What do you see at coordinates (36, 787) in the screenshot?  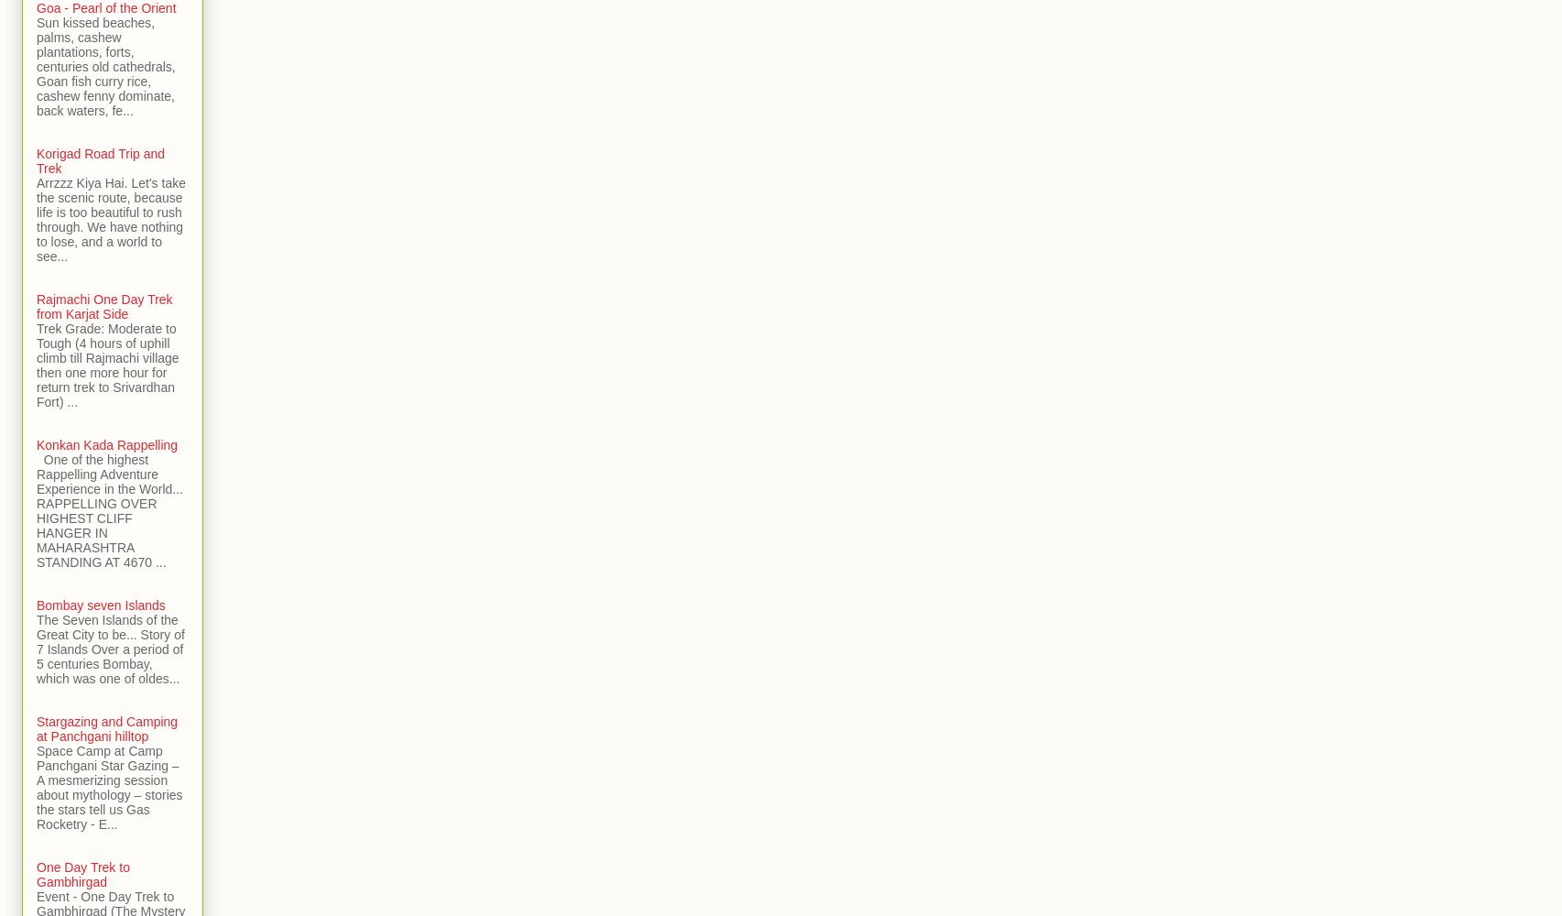 I see `'Space Camp at Camp Panchgani   Star Gazing – A mesmerizing session about mythology – stories the stars tell us           Gas Rocketry - E...'` at bounding box center [36, 787].